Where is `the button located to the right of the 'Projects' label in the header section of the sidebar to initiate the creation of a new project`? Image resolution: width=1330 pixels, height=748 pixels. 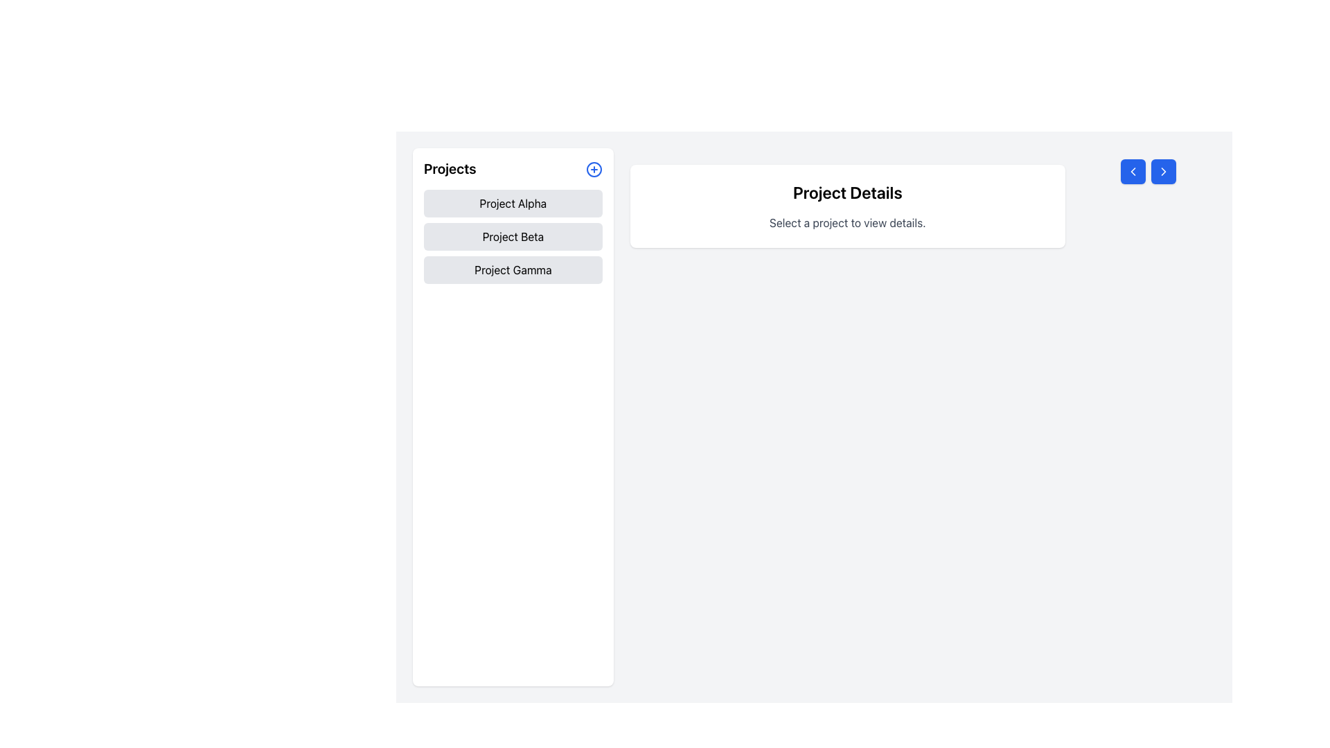
the button located to the right of the 'Projects' label in the header section of the sidebar to initiate the creation of a new project is located at coordinates (594, 168).